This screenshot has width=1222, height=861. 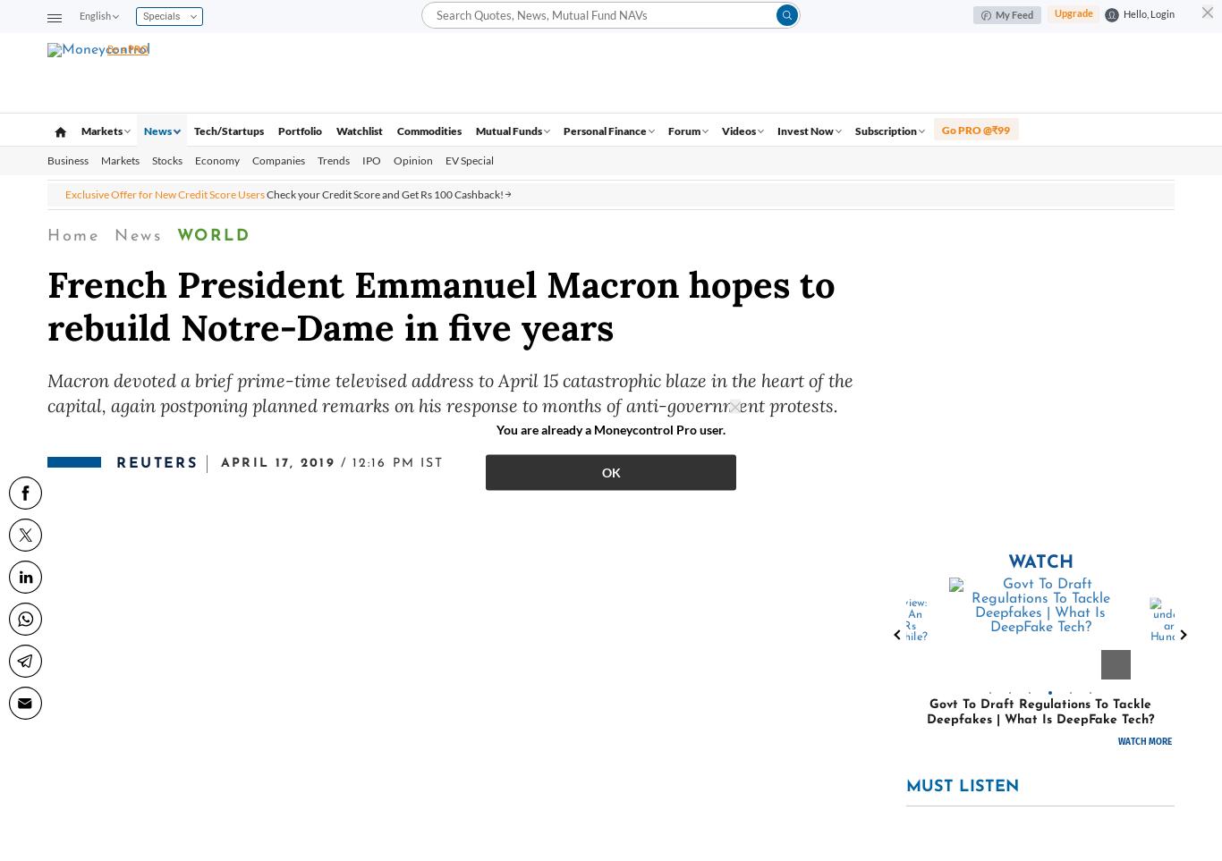 I want to click on 'Go PRO @₹99', so click(x=974, y=130).